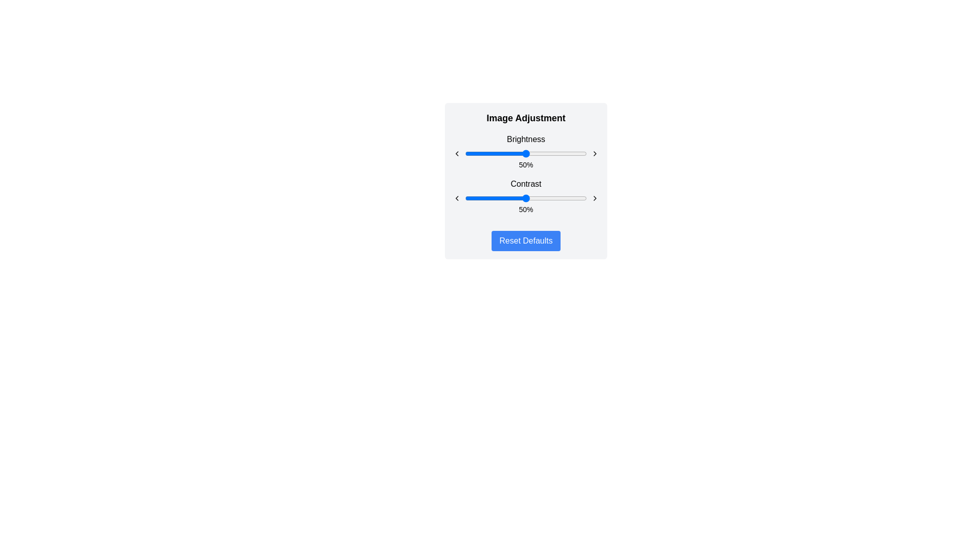  I want to click on contrast, so click(546, 198).